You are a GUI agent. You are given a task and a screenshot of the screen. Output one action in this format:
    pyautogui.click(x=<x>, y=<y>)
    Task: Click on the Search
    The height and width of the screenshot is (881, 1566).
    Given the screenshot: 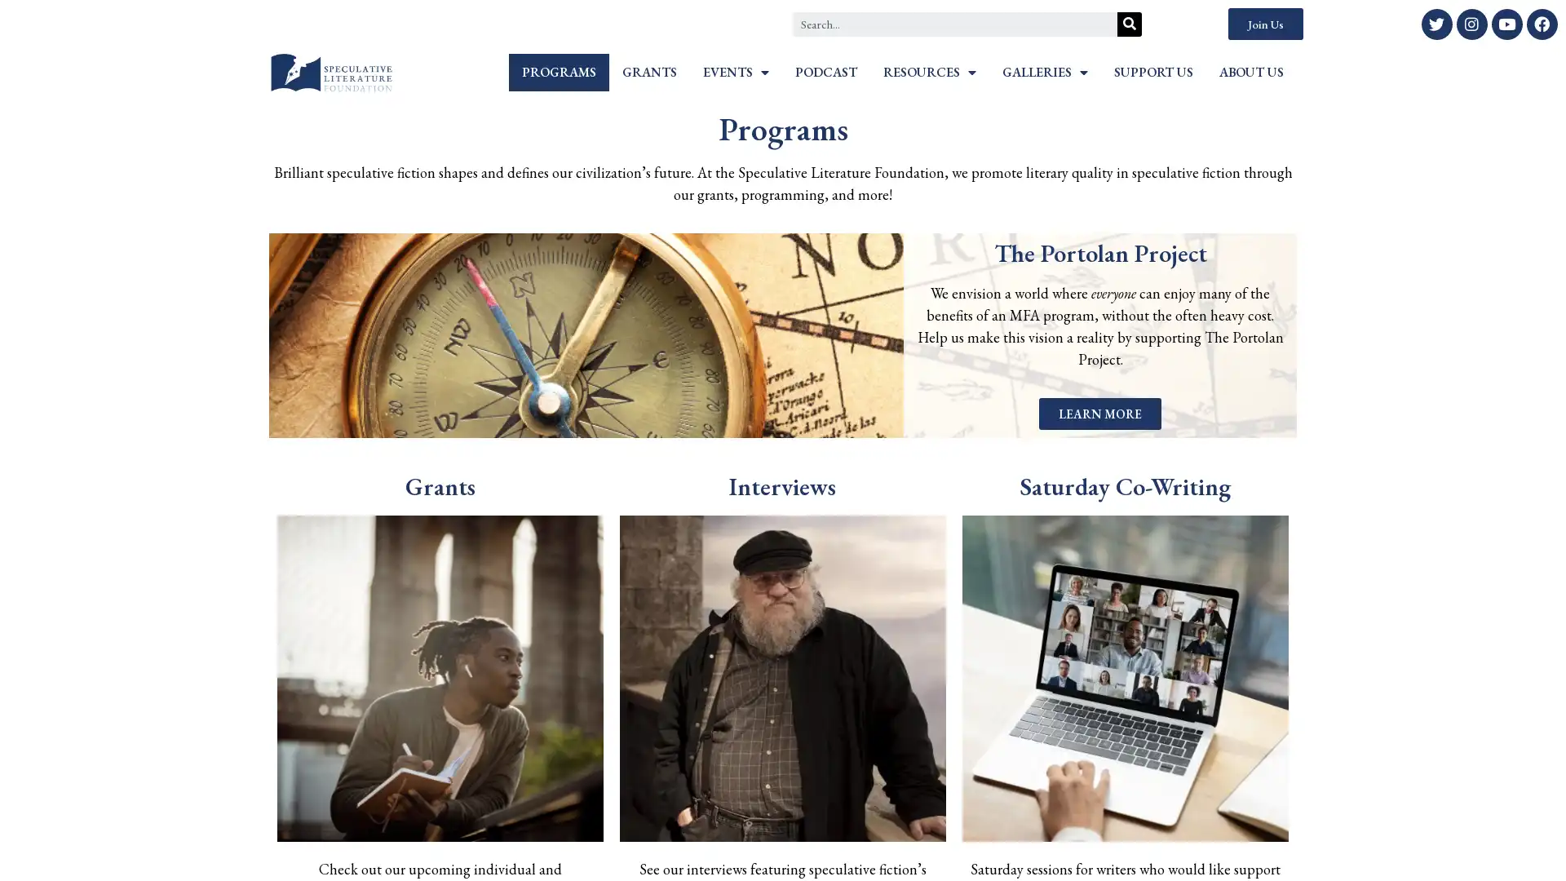 What is the action you would take?
    pyautogui.click(x=1129, y=24)
    